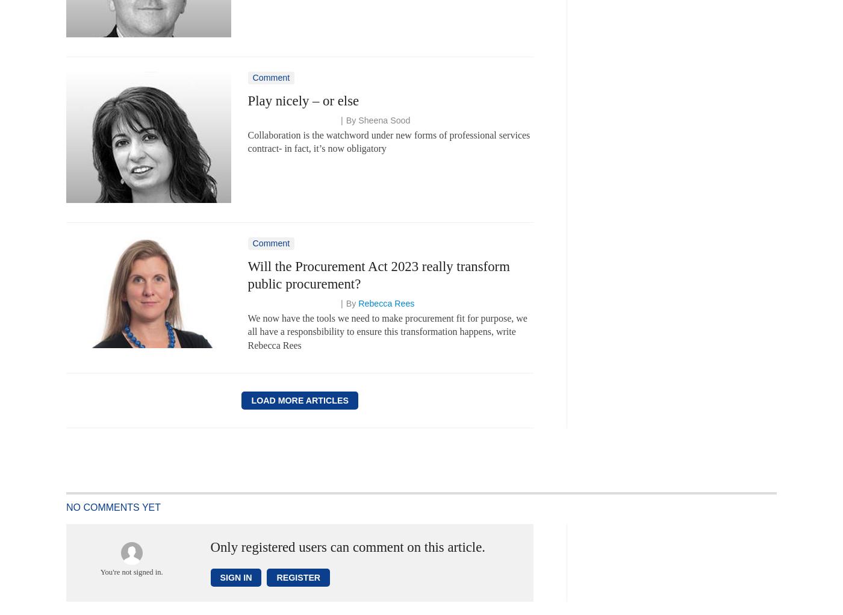  I want to click on 'No comments yet', so click(113, 507).